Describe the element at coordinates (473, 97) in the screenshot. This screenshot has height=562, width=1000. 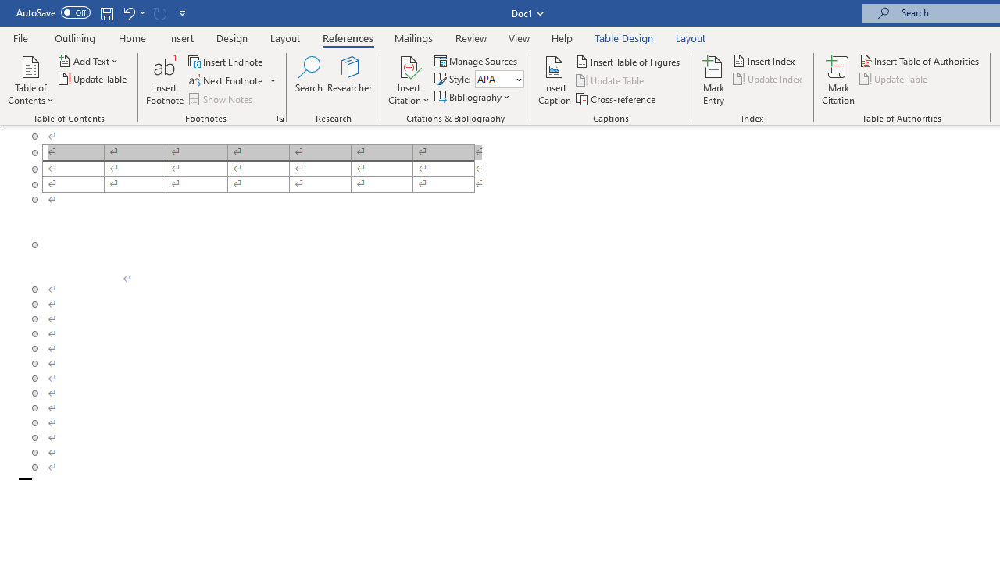
I see `'Bibliography'` at that location.